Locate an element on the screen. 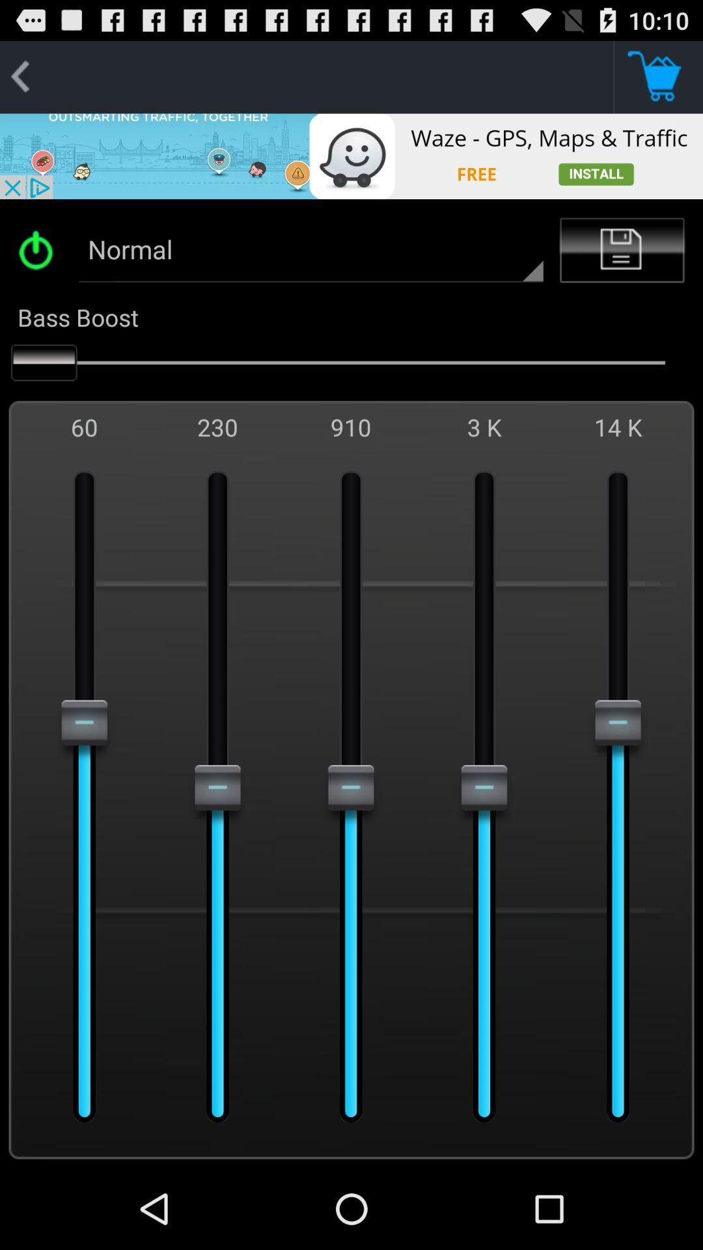 The height and width of the screenshot is (1250, 703). cart is located at coordinates (658, 76).